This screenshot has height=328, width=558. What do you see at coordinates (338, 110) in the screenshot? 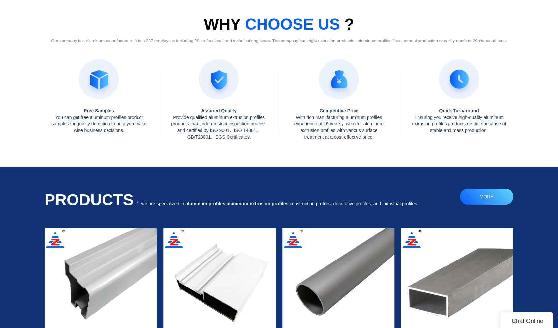
I see `'Competitive Price'` at bounding box center [338, 110].